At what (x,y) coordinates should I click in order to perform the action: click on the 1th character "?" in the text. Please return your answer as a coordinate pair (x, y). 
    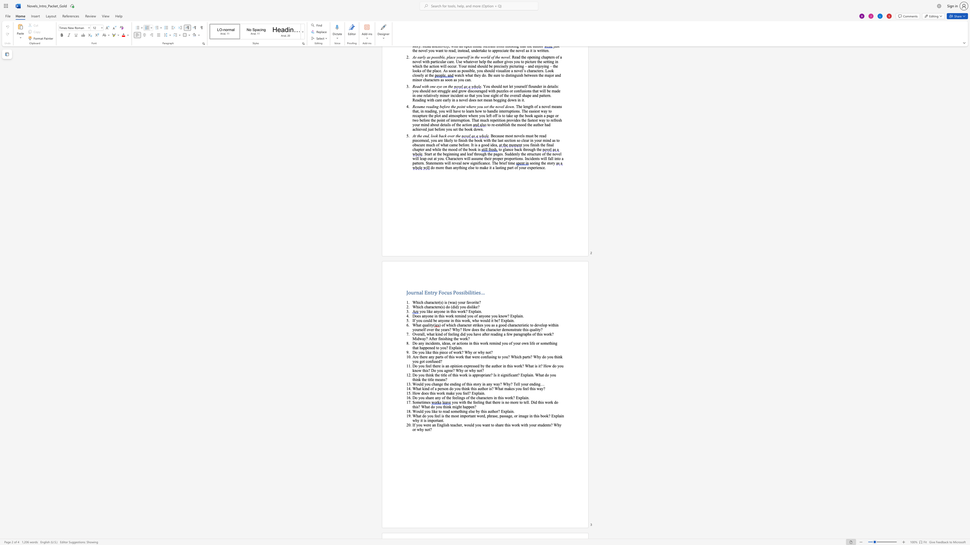
    Looking at the image, I should click on (462, 352).